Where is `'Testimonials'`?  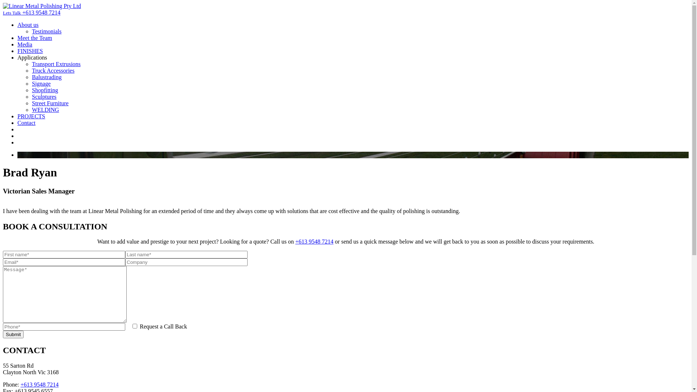 'Testimonials' is located at coordinates (46, 31).